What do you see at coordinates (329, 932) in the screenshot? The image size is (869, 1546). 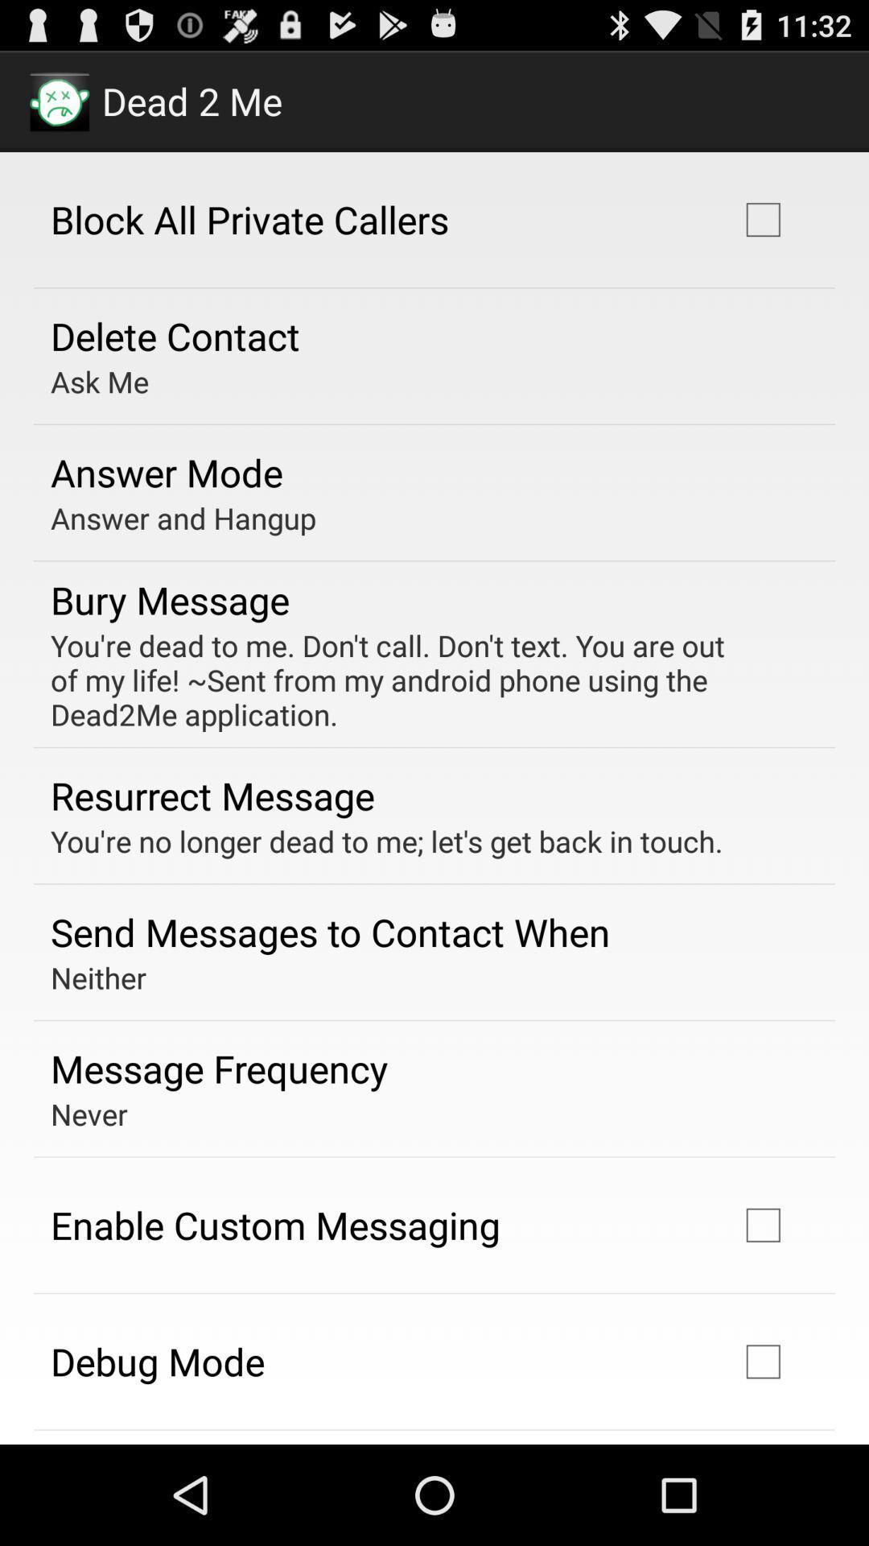 I see `the send messages to item` at bounding box center [329, 932].